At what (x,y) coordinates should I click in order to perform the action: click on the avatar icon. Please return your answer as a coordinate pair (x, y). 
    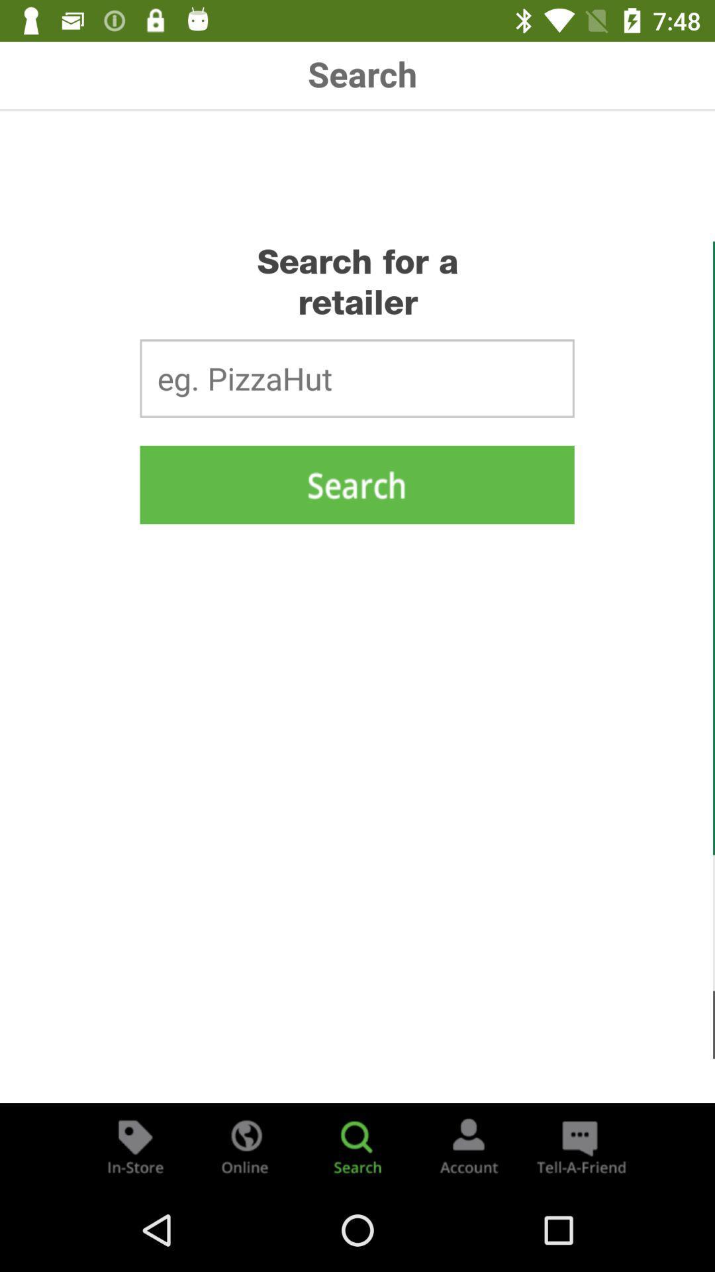
    Looking at the image, I should click on (468, 1145).